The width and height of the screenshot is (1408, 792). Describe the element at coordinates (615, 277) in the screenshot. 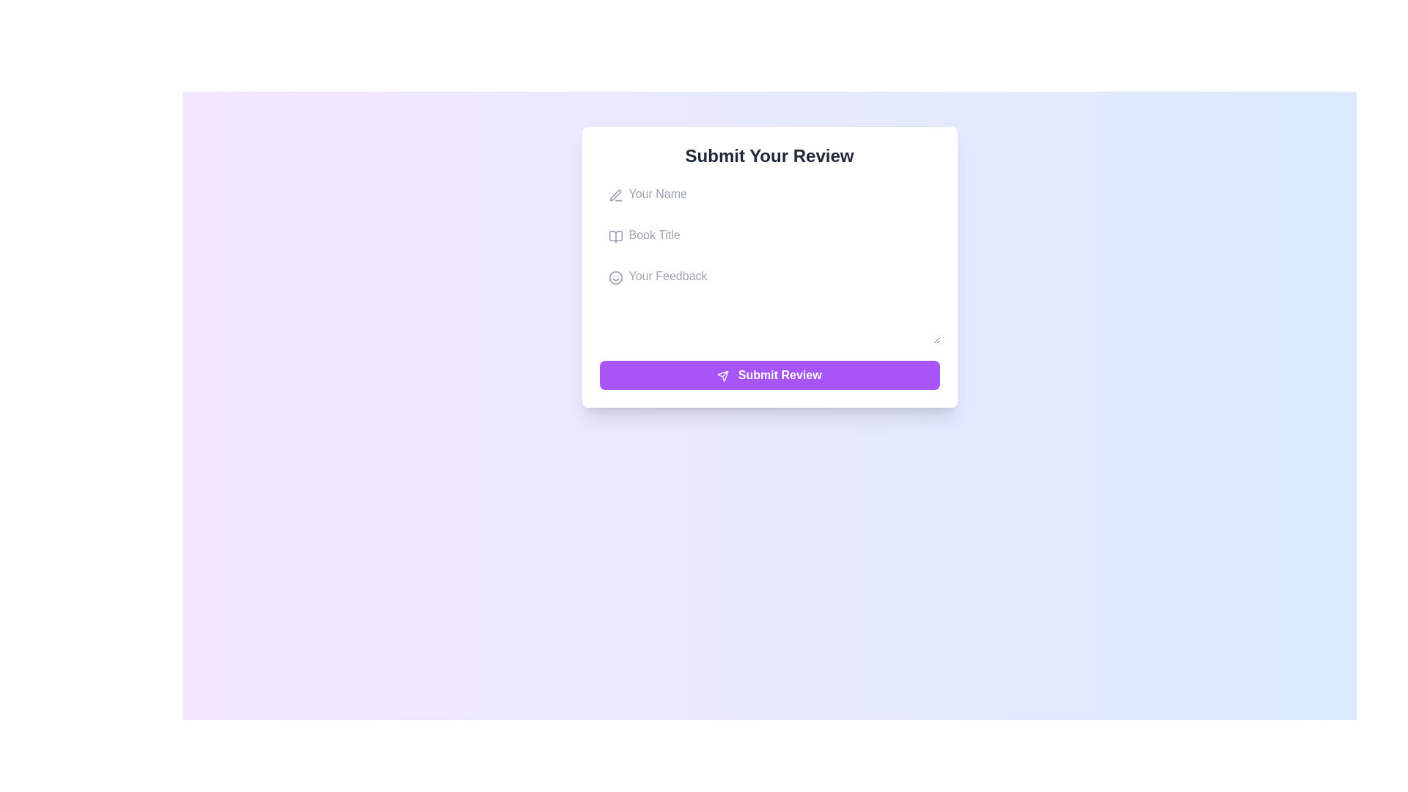

I see `the circular outer boundary of the smiley face icon located at the top-left corner of the feedback box, which is above the 'Your Feedback' input field` at that location.